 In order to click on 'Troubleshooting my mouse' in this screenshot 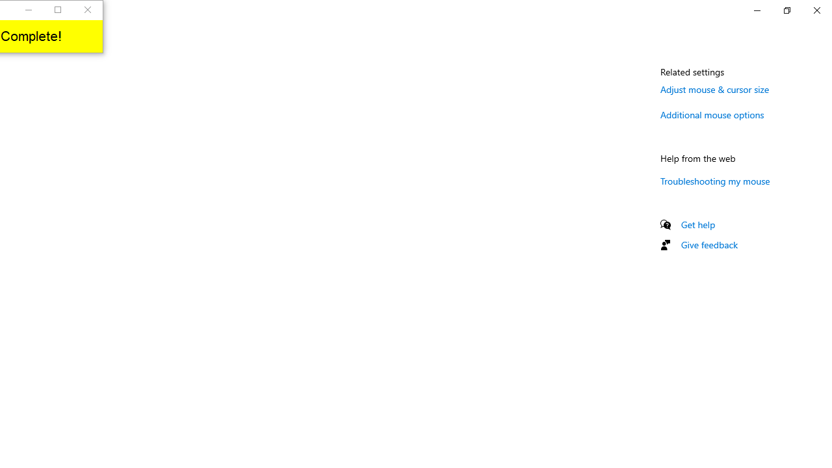, I will do `click(714, 181)`.